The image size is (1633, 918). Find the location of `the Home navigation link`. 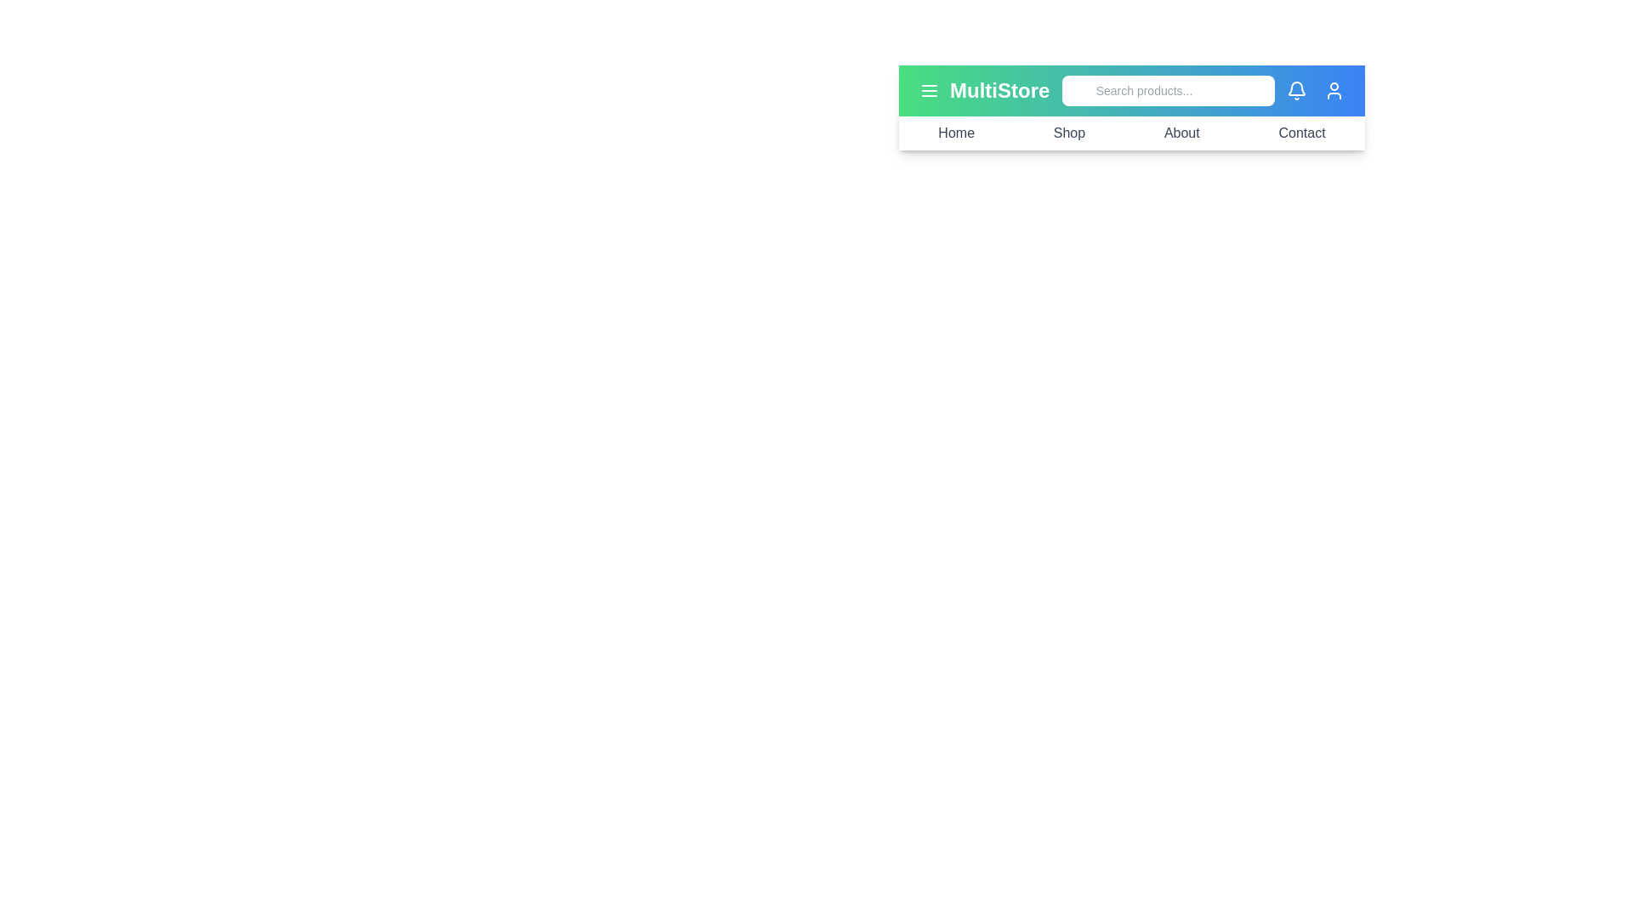

the Home navigation link is located at coordinates (956, 133).